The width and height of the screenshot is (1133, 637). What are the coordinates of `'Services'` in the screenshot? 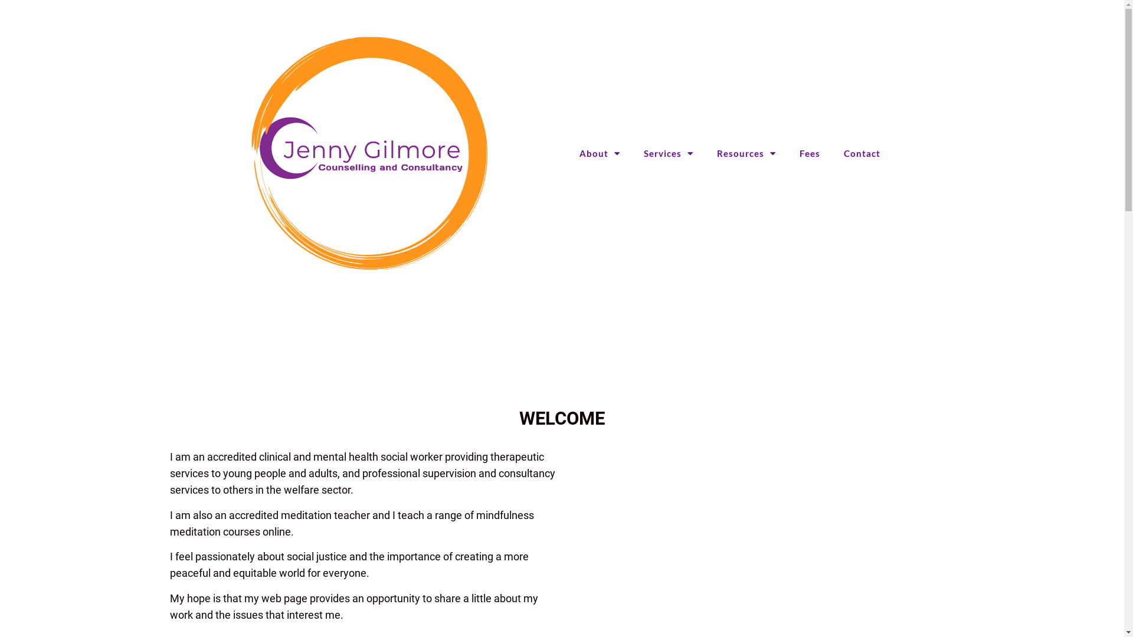 It's located at (668, 152).